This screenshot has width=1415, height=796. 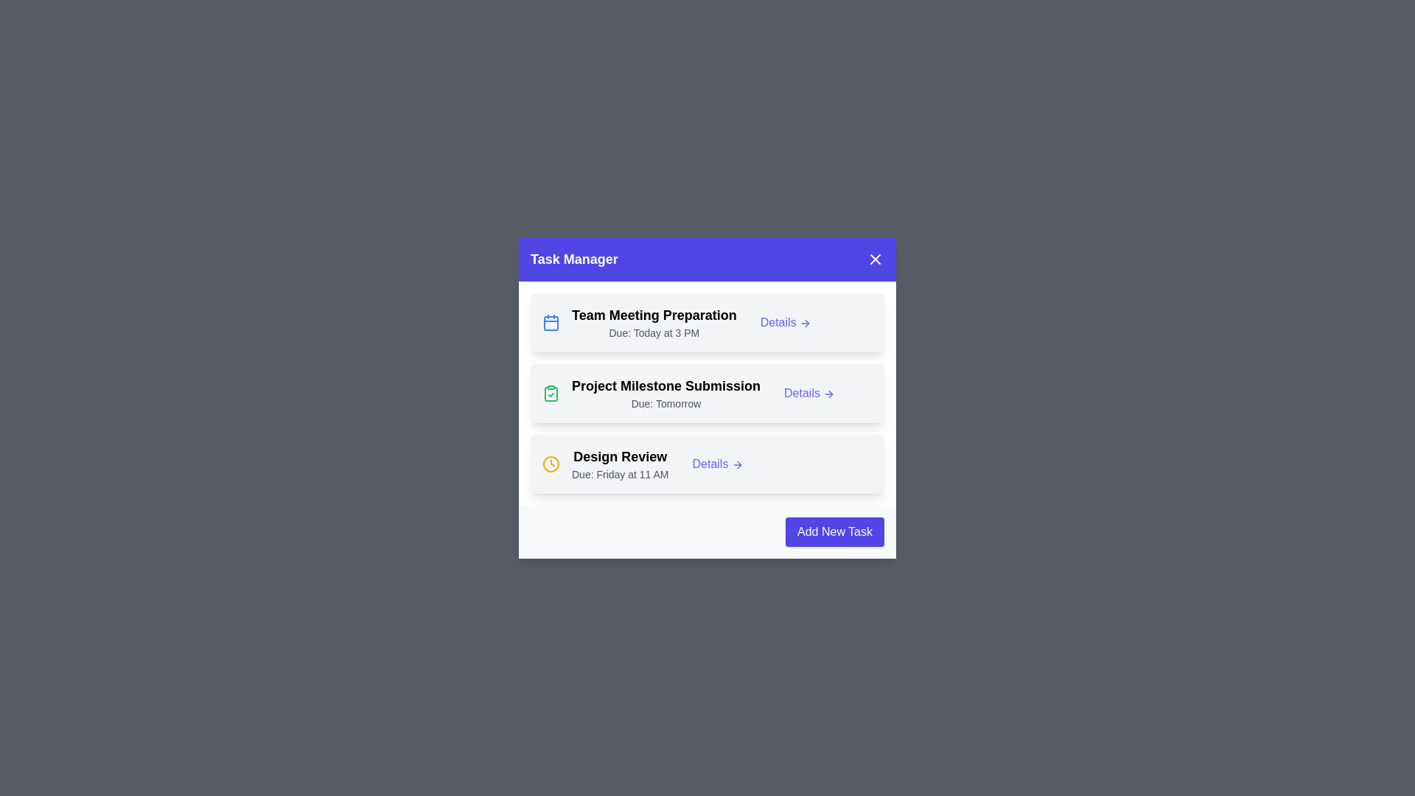 I want to click on the 'X' icon button located in the top-right corner of the 'Task Manager' header bar, so click(x=876, y=258).